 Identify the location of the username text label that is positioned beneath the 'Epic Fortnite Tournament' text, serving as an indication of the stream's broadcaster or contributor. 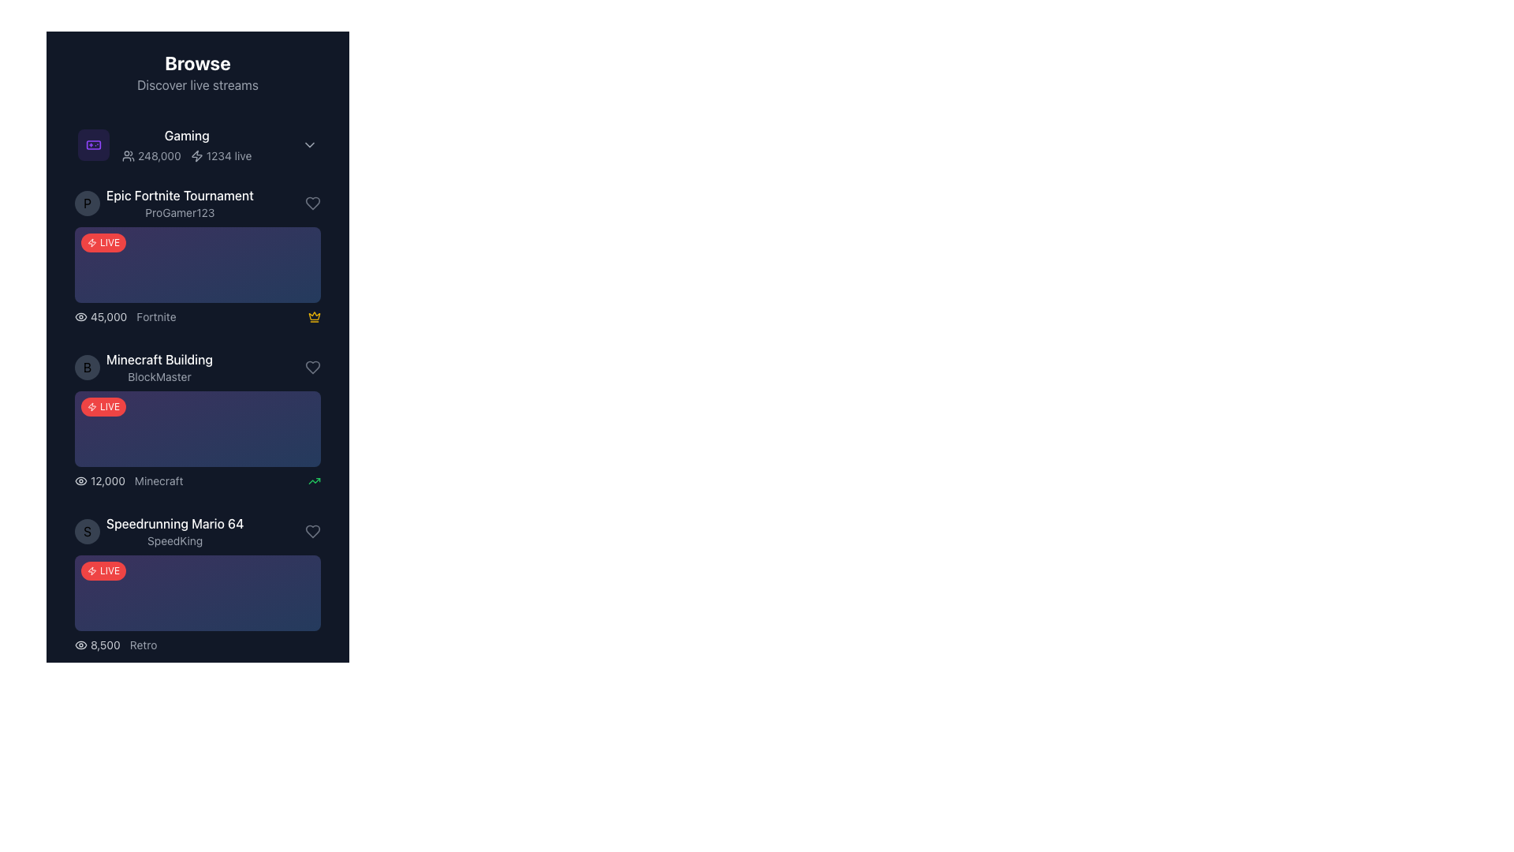
(180, 213).